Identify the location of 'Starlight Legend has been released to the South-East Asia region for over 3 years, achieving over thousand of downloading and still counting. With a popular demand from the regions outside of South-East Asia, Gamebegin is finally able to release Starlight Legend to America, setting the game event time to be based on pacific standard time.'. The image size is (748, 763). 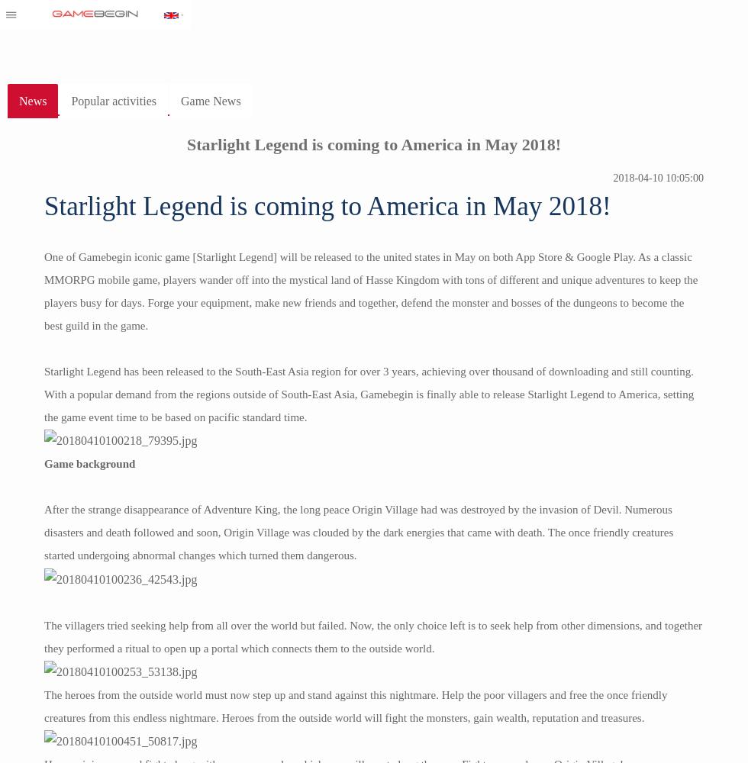
(369, 394).